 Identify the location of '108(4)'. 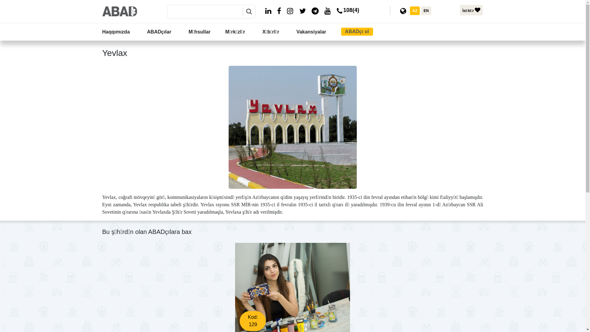
(347, 12).